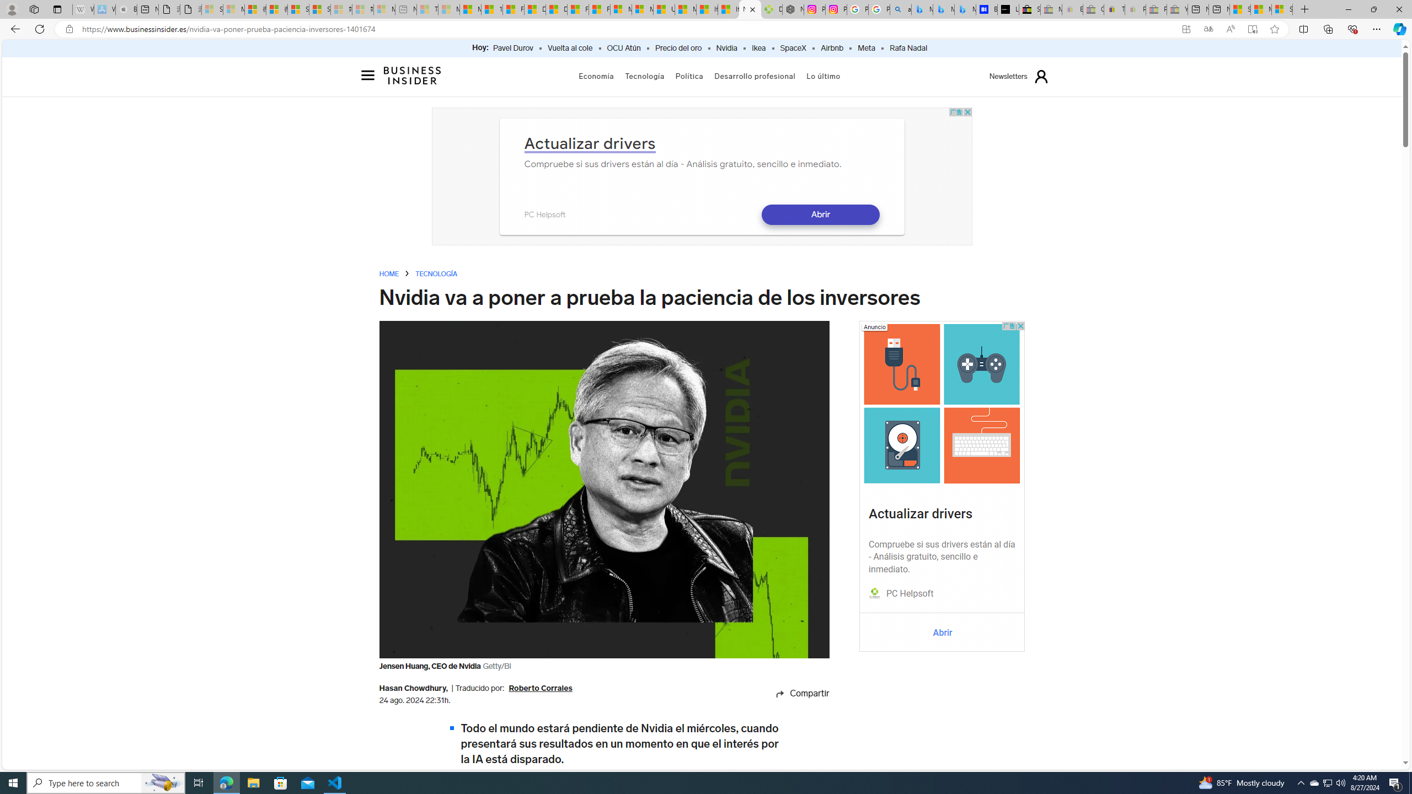 The height and width of the screenshot is (794, 1412). I want to click on 'Airbnb', so click(831, 48).